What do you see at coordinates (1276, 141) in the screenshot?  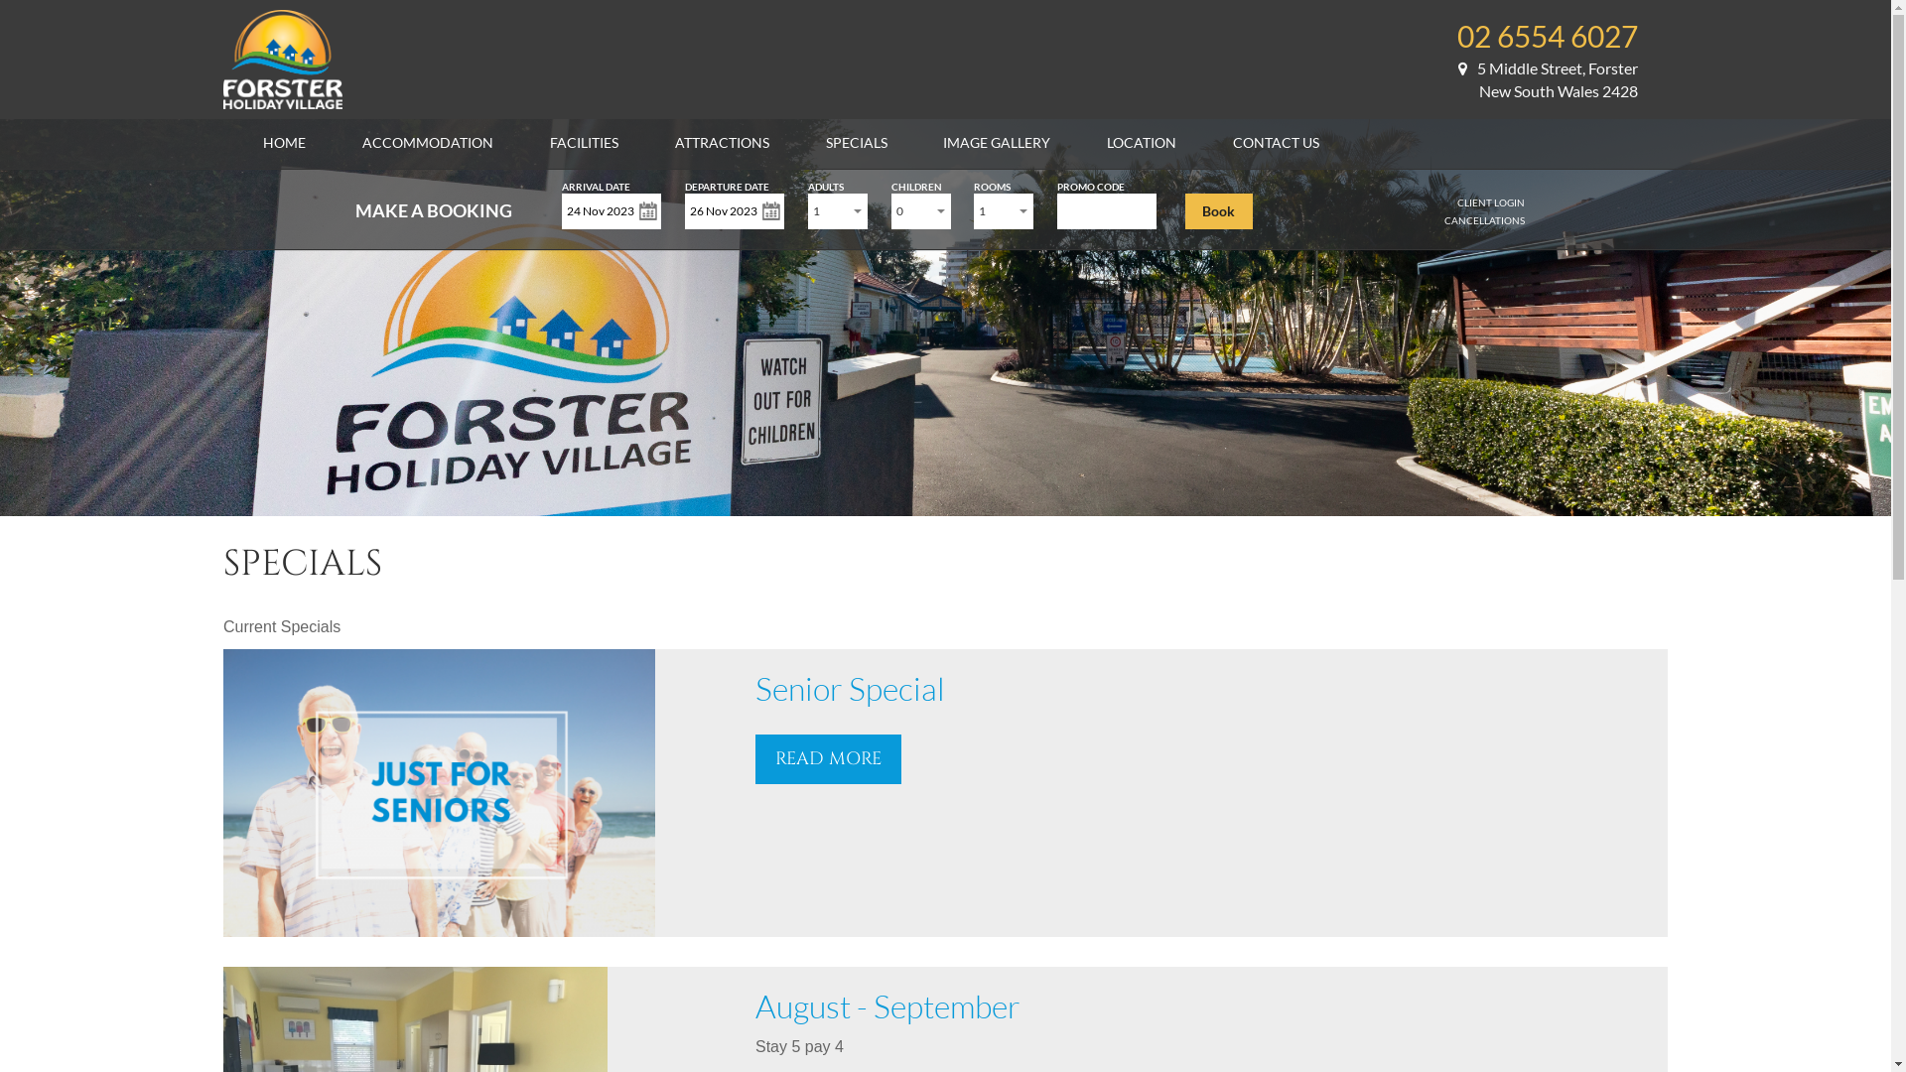 I see `'CONTACT US'` at bounding box center [1276, 141].